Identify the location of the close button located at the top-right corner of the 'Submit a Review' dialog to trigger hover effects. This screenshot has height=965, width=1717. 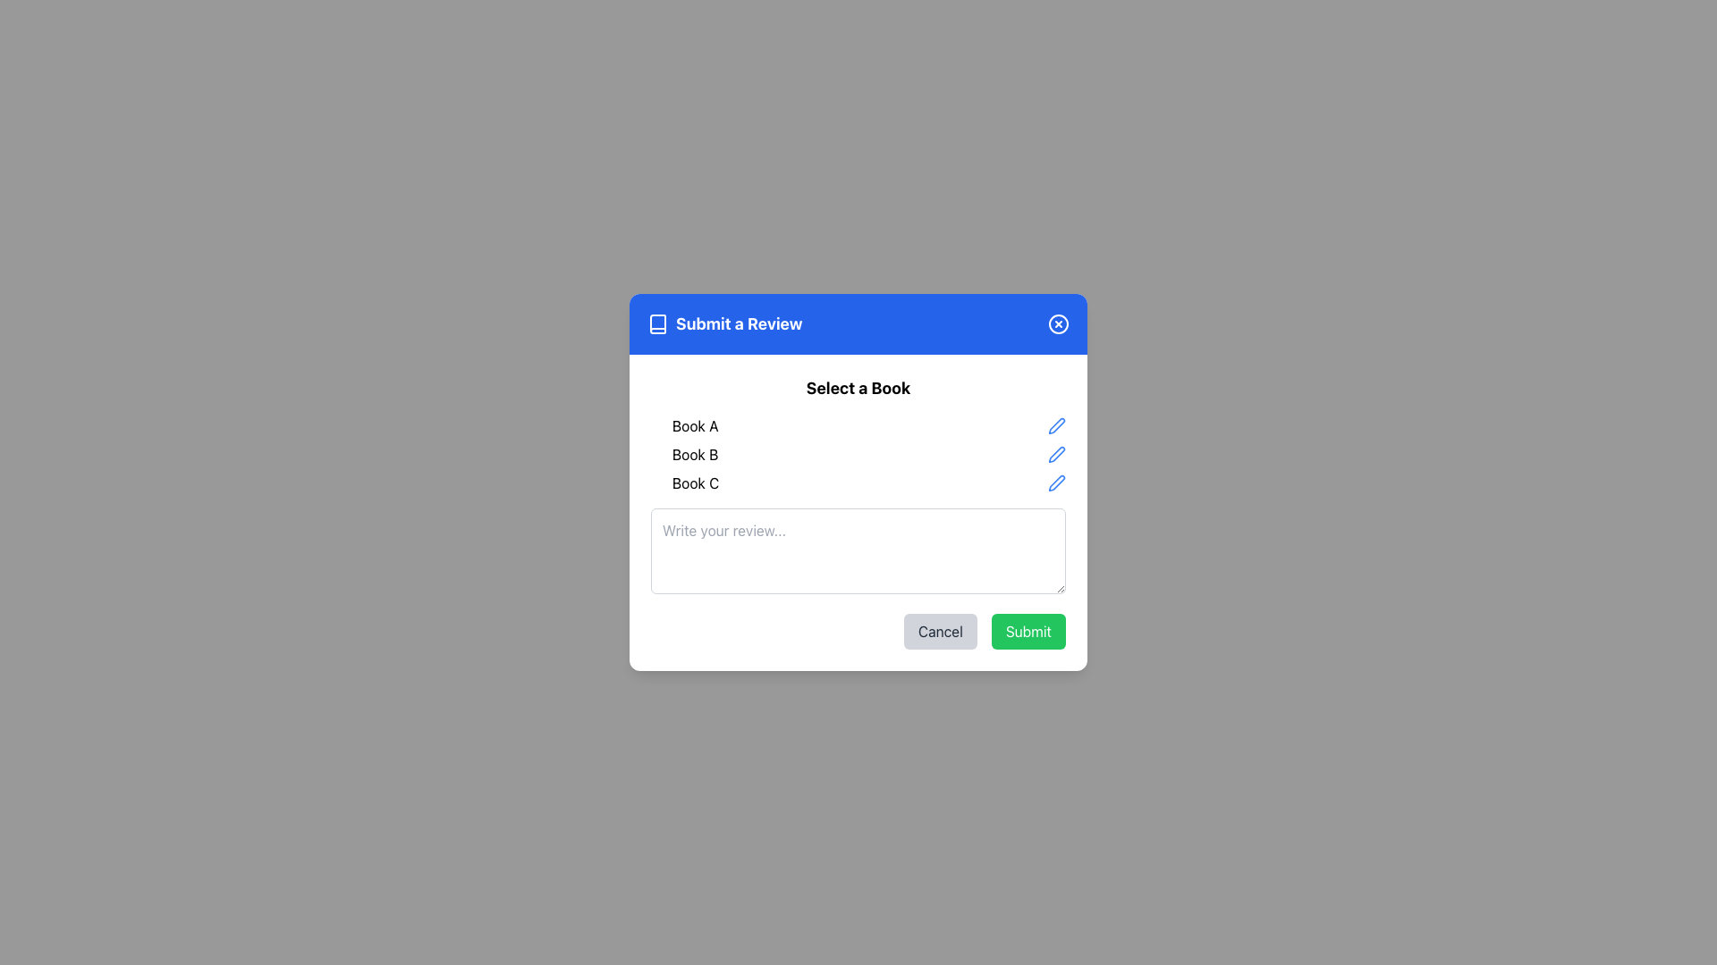
(1059, 323).